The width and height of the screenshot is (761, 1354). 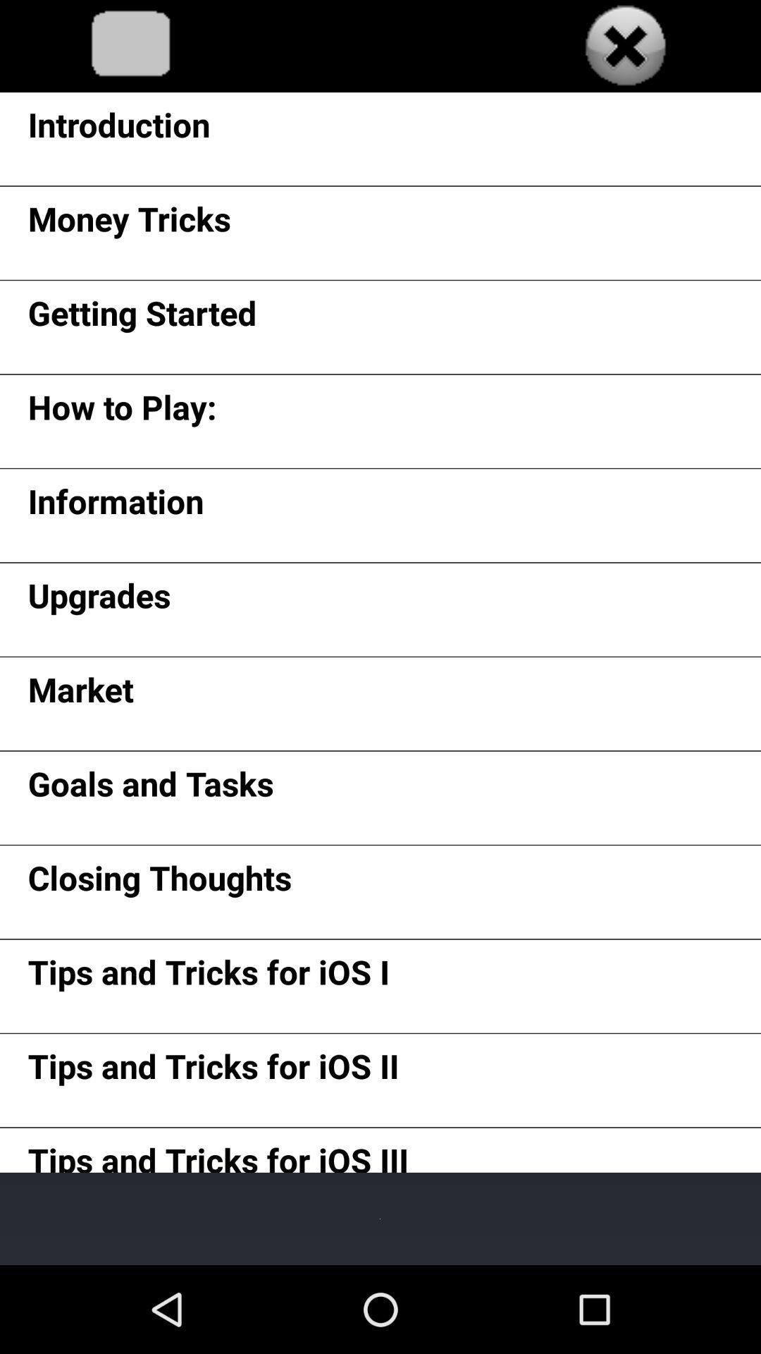 What do you see at coordinates (142, 317) in the screenshot?
I see `getting started item` at bounding box center [142, 317].